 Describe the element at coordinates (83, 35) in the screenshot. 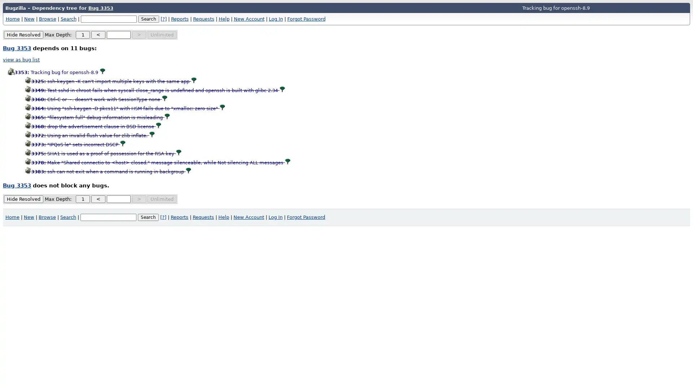

I see `1` at that location.